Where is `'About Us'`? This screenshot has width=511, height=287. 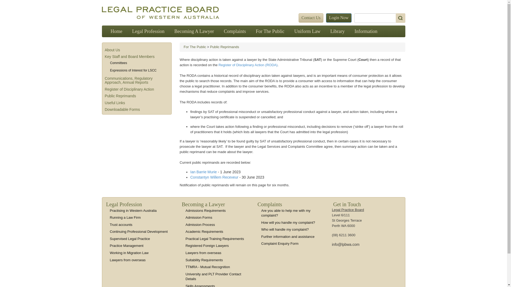 'About Us' is located at coordinates (112, 50).